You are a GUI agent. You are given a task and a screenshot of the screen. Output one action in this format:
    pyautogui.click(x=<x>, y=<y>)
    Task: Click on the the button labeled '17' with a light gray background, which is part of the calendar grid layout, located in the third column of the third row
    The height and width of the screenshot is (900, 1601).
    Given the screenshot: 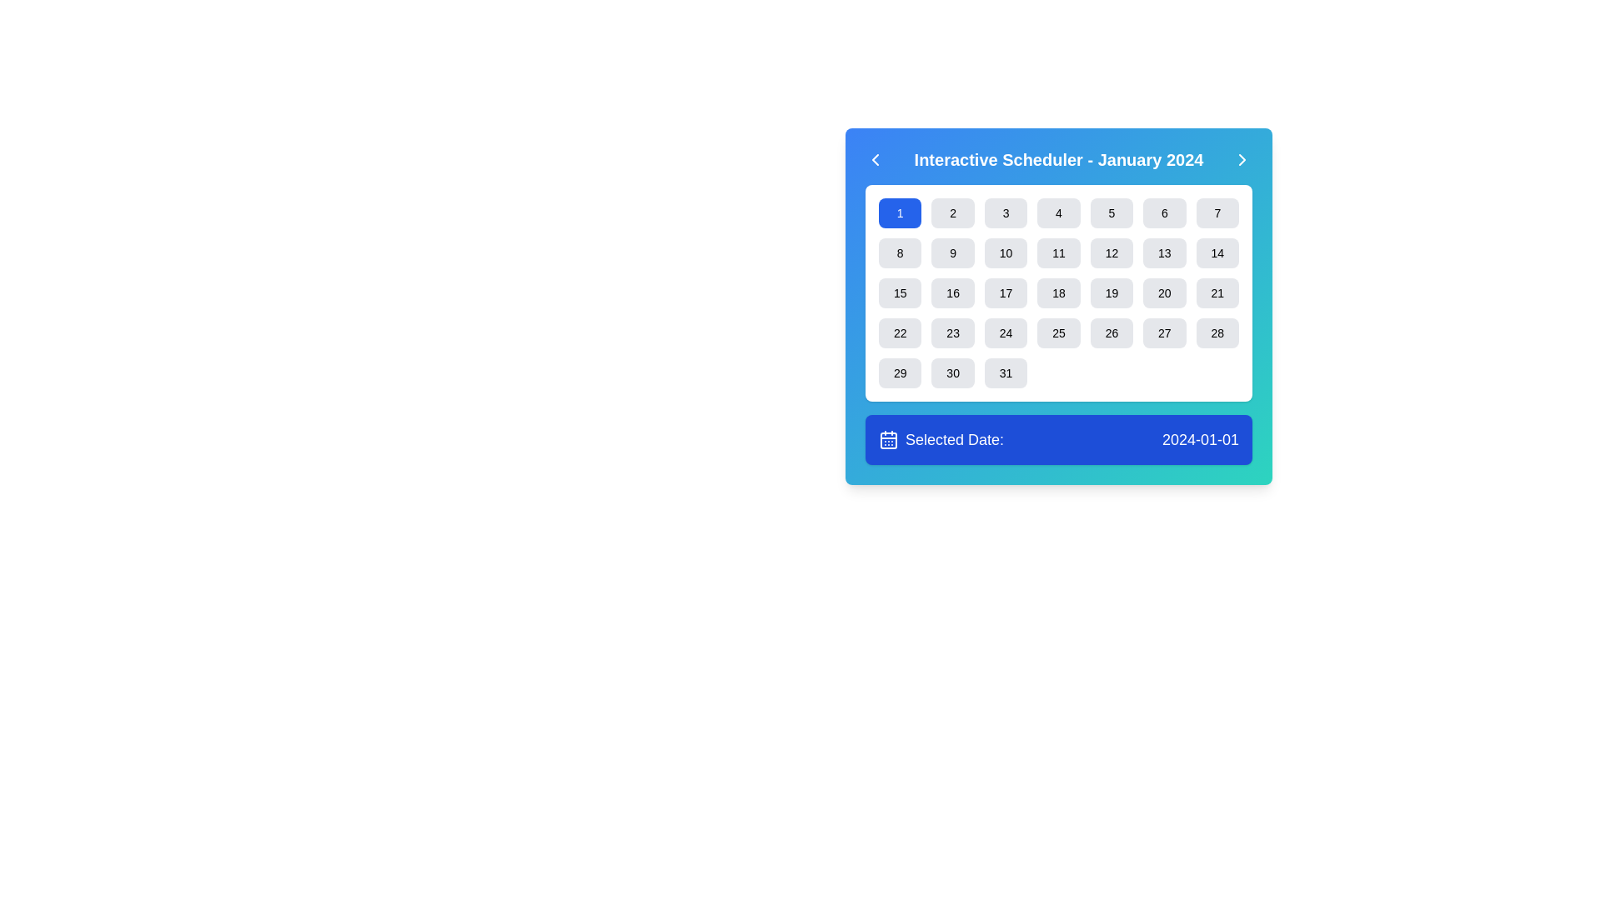 What is the action you would take?
    pyautogui.click(x=1005, y=292)
    